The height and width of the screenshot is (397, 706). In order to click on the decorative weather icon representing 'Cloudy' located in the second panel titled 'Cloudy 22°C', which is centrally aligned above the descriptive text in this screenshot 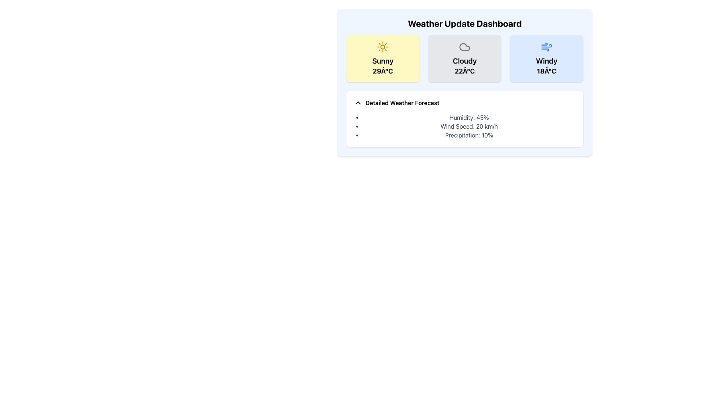, I will do `click(464, 47)`.